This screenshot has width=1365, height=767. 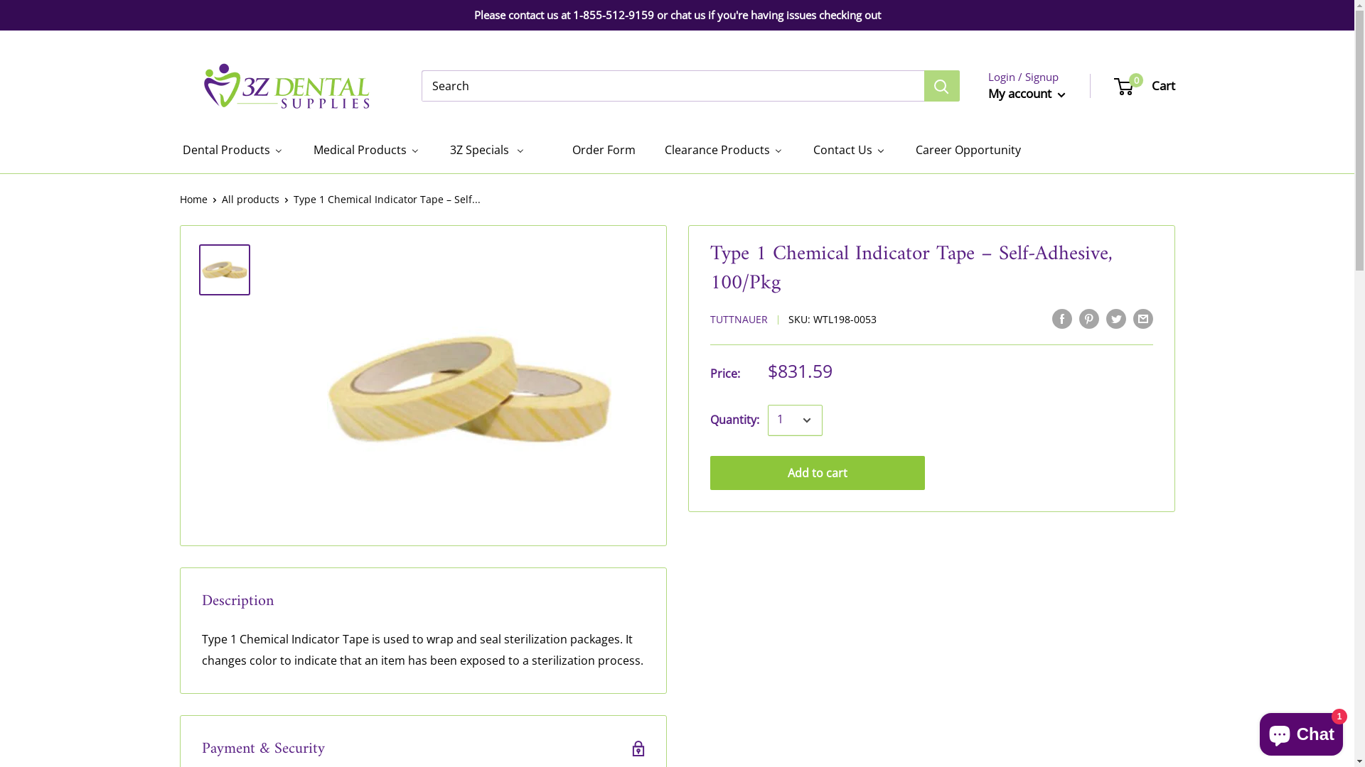 I want to click on 'Medical Products', so click(x=365, y=150).